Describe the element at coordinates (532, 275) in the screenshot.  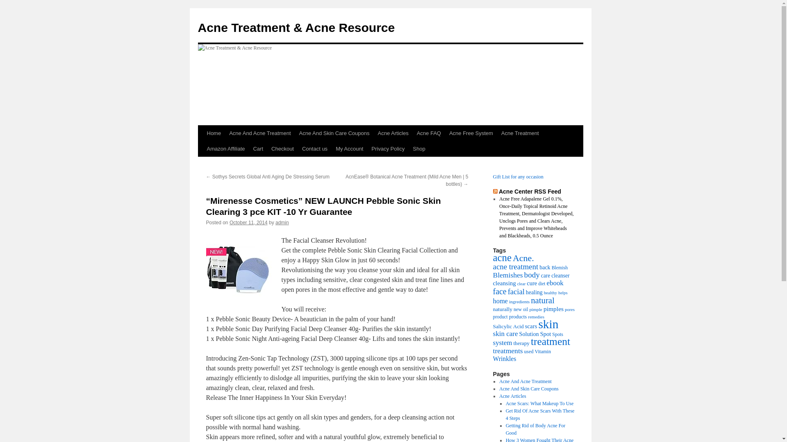
I see `'body'` at that location.